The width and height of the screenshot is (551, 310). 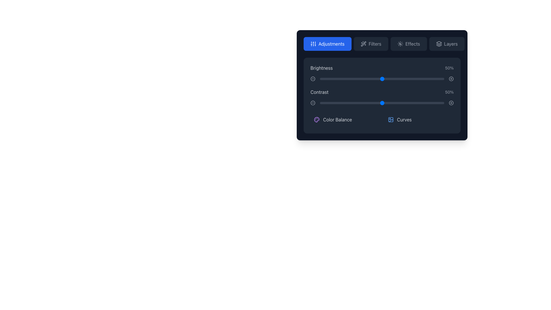 What do you see at coordinates (378, 79) in the screenshot?
I see `Brightness slider` at bounding box center [378, 79].